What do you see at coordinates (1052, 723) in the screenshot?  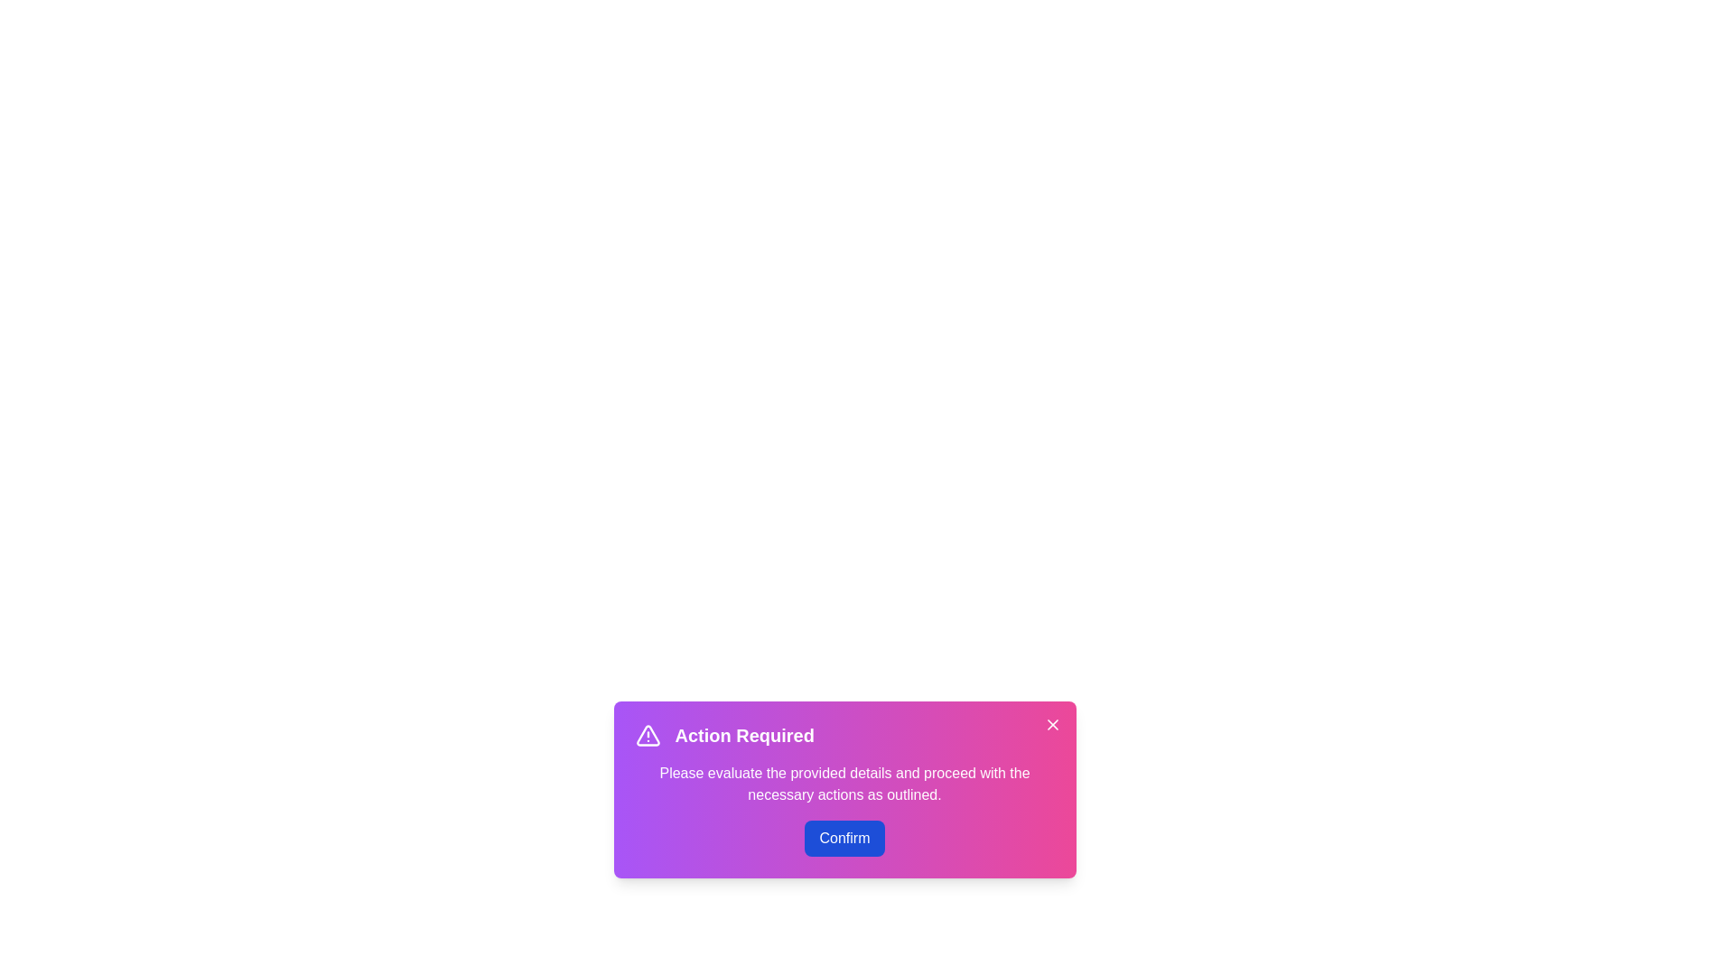 I see `close button located at the top-right corner of the alert` at bounding box center [1052, 723].